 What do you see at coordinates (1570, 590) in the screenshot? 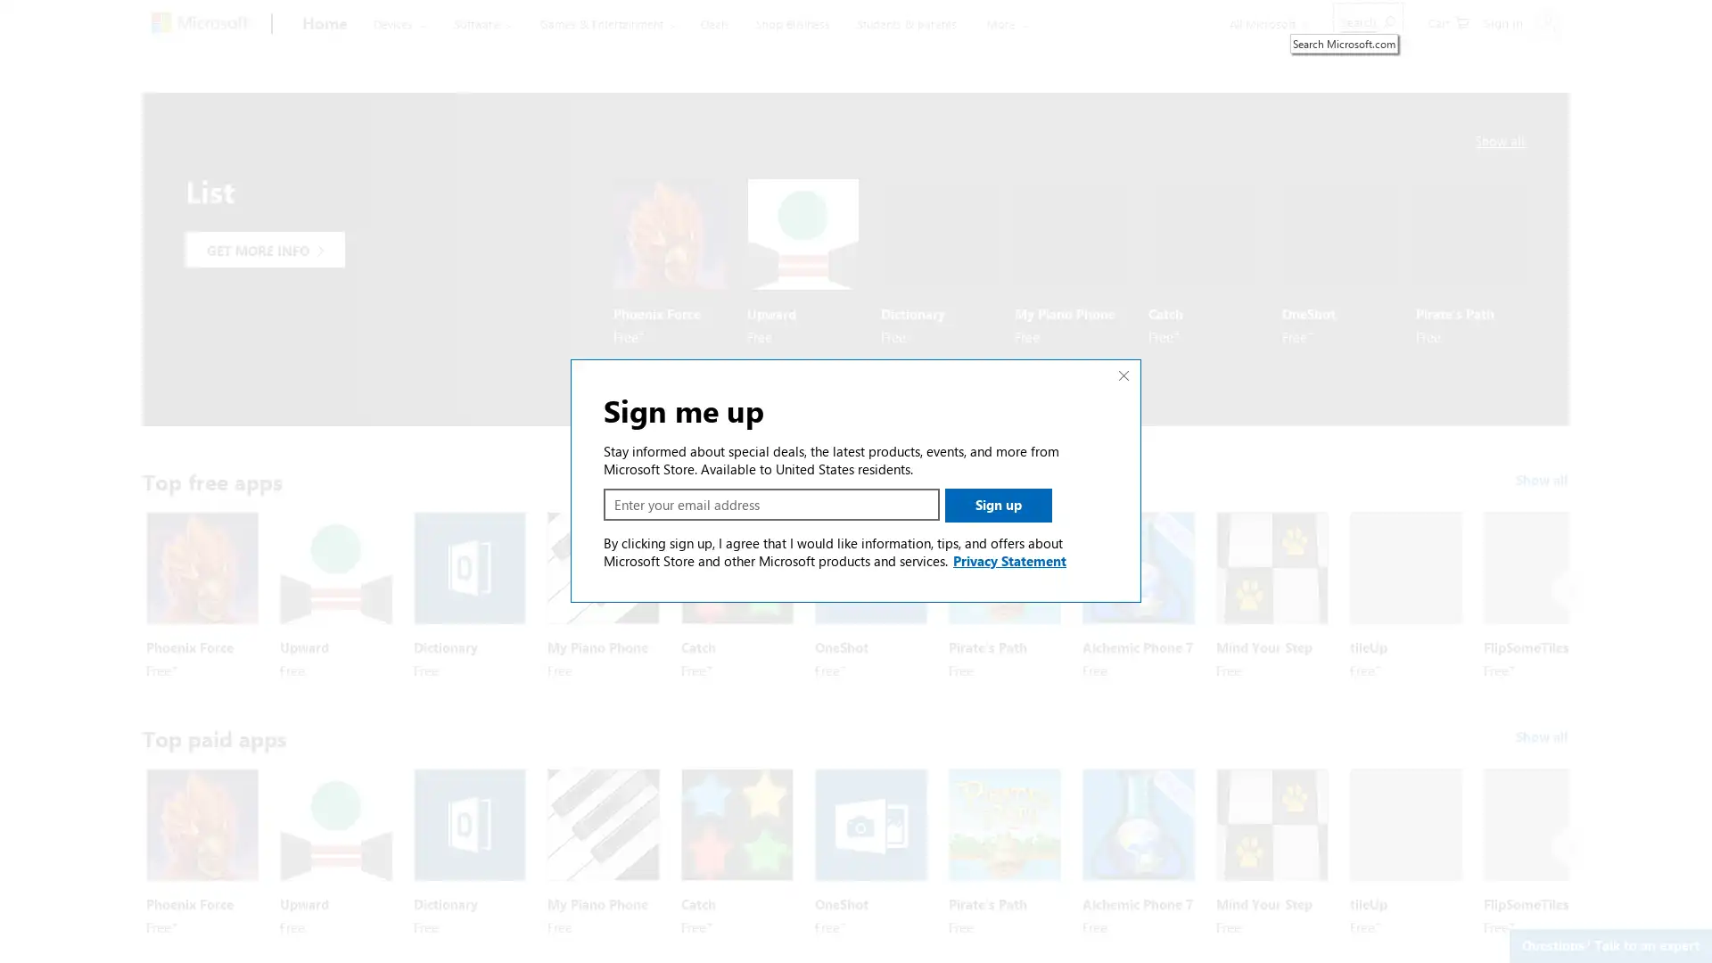
I see `Next` at bounding box center [1570, 590].